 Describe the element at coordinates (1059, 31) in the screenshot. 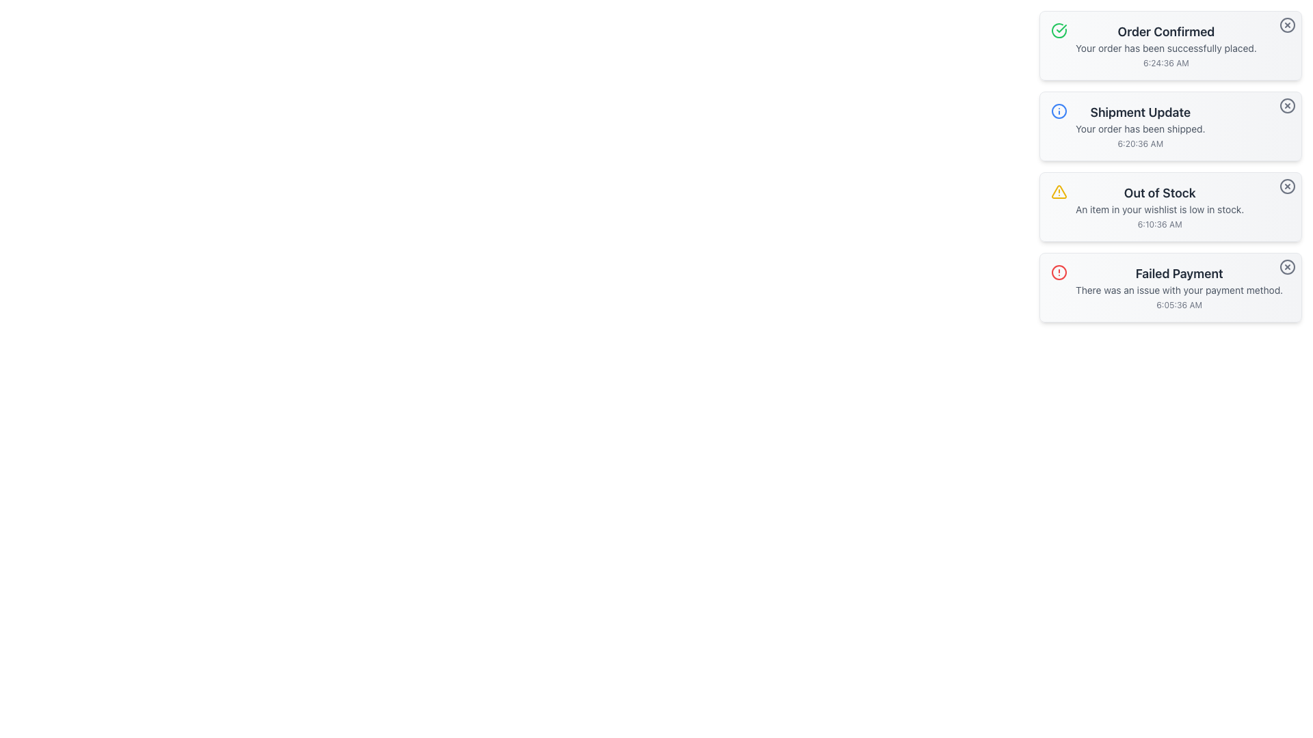

I see `the success indicator icon located to the left of the 'Order Confirmed' title text in the top-left corner of the notification box` at that location.